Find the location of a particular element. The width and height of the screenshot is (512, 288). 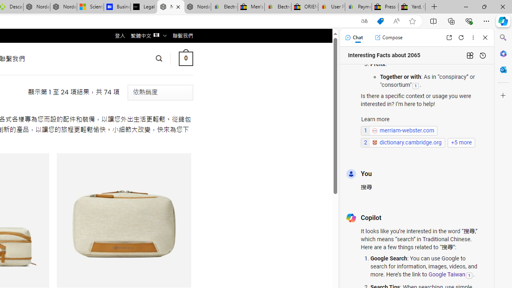

'This site has coupons! Shopping in Microsoft Edge' is located at coordinates (380, 21).